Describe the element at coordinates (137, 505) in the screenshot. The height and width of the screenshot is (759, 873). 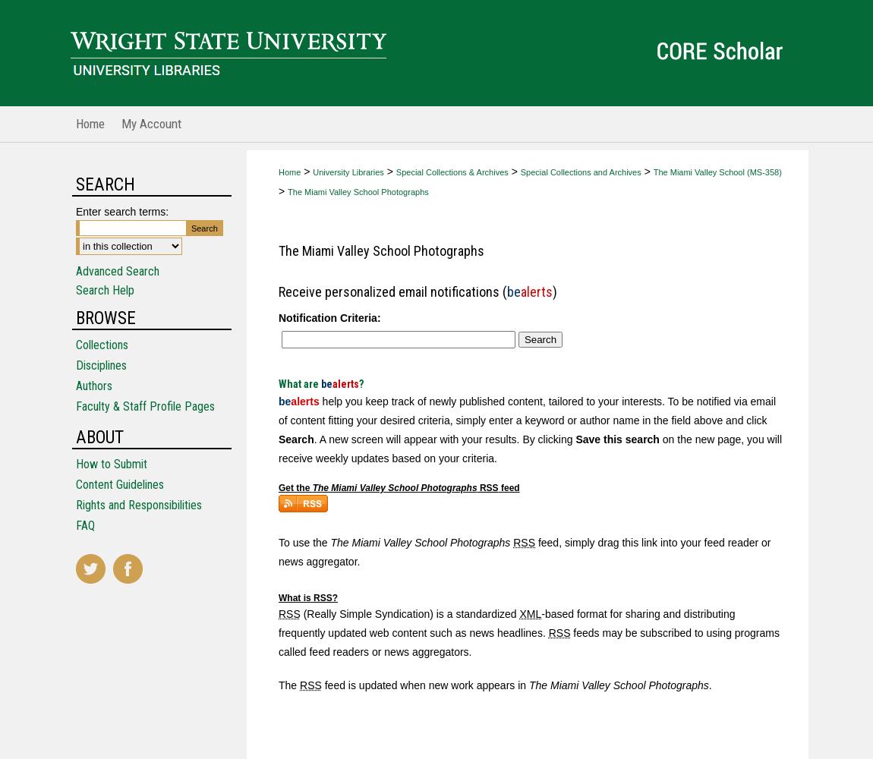
I see `'Rights and Responsibilities'` at that location.